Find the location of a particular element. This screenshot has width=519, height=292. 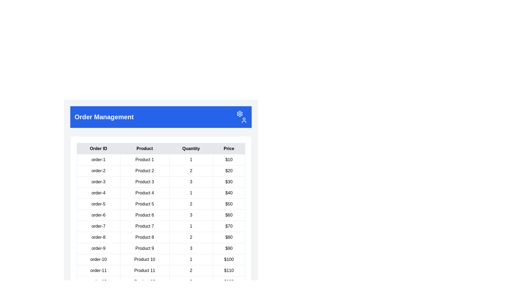

the text element displaying 'Product 12', which is styled as a bordered rectangle in the 'Order Management' section under the 'Product' column is located at coordinates (145, 281).